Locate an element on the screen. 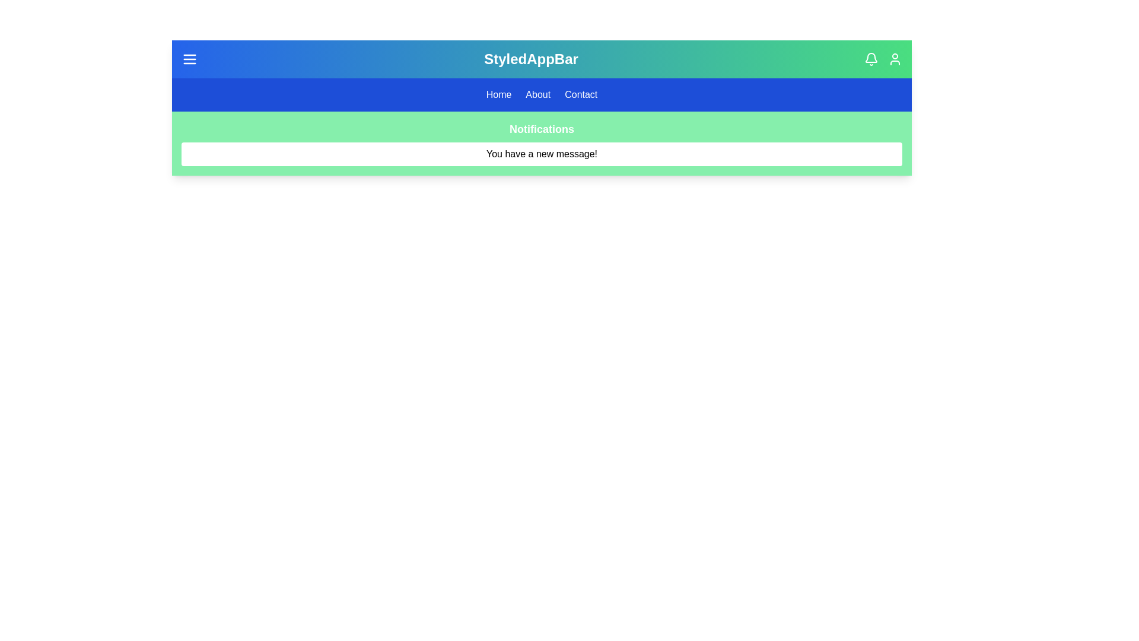 Image resolution: width=1139 pixels, height=641 pixels. the navigation button located at the top-left corner of the application bar is located at coordinates (190, 59).